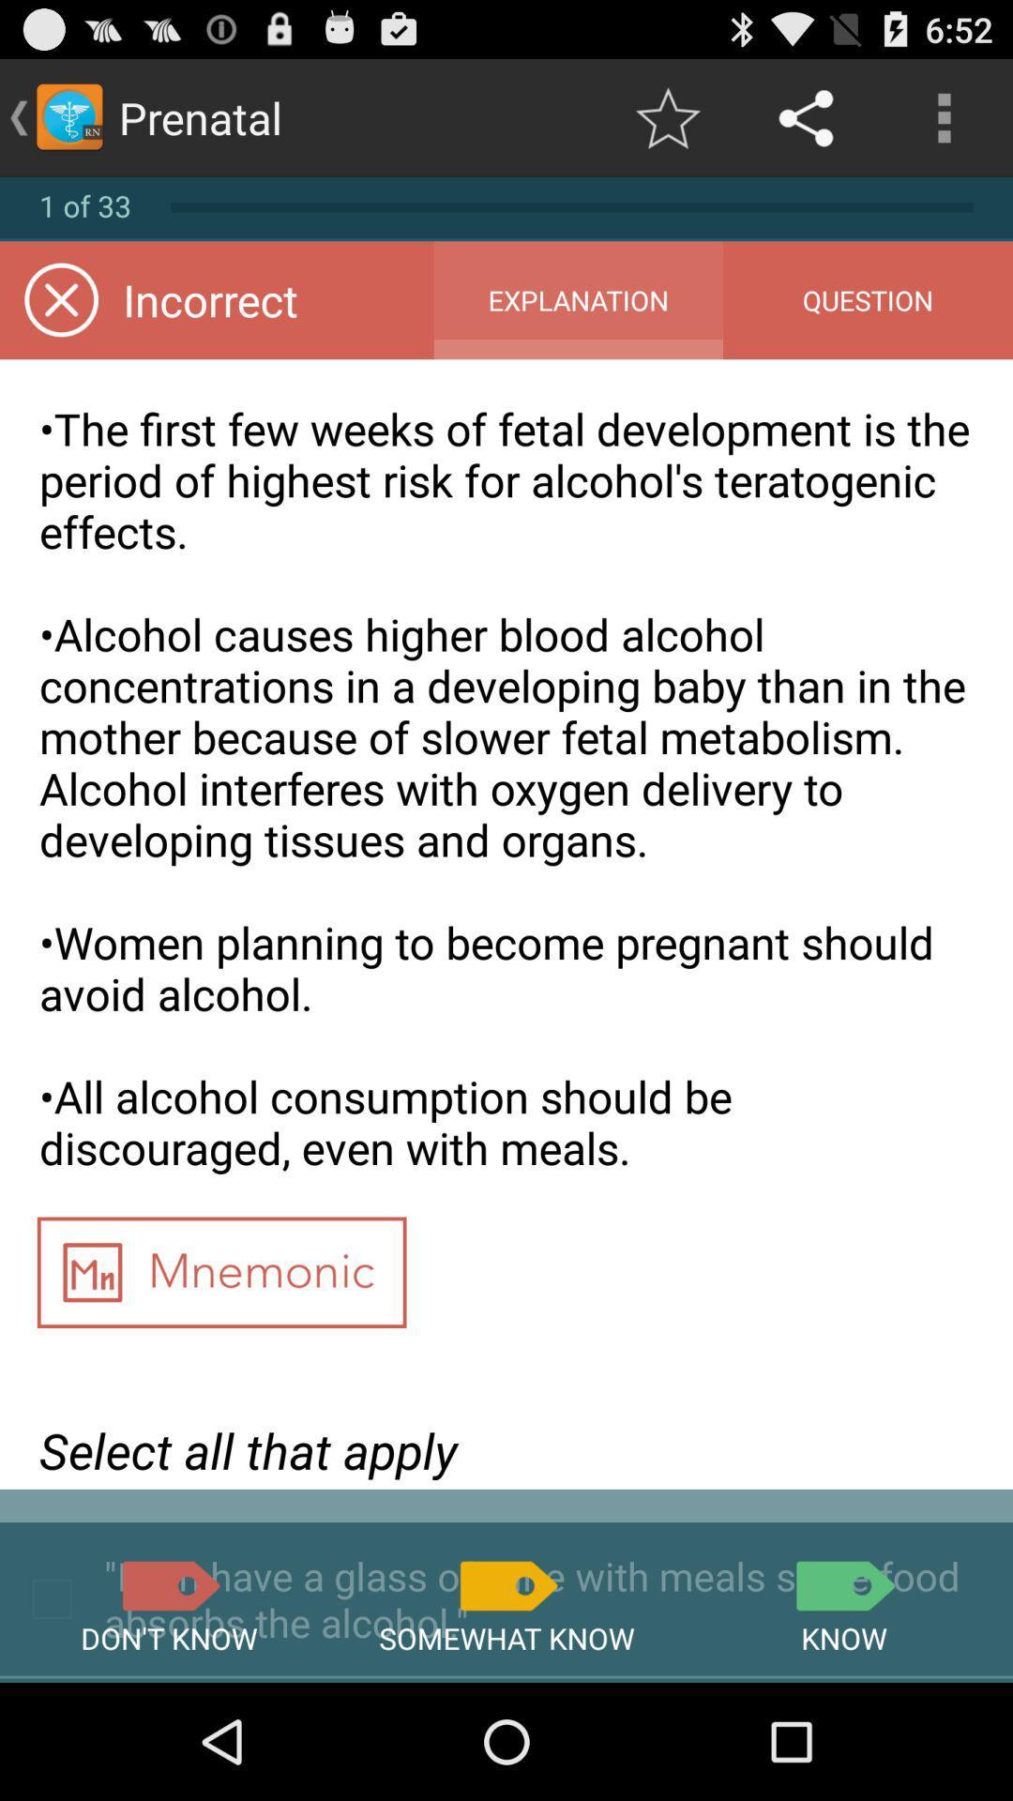 The height and width of the screenshot is (1801, 1013). What do you see at coordinates (868, 300) in the screenshot?
I see `icon to the right of the explanation button` at bounding box center [868, 300].